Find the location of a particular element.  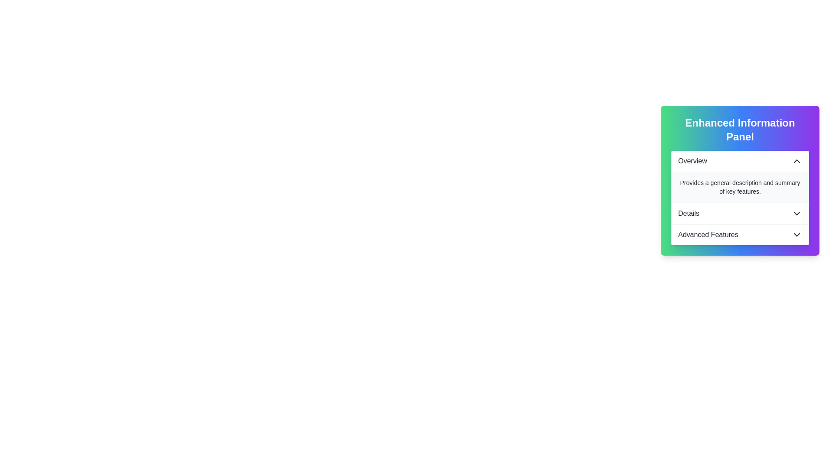

the small upward-pointing chevron arrow icon located to the far right of the 'Overview' header section in the Enhanced Information Panel is located at coordinates (796, 161).